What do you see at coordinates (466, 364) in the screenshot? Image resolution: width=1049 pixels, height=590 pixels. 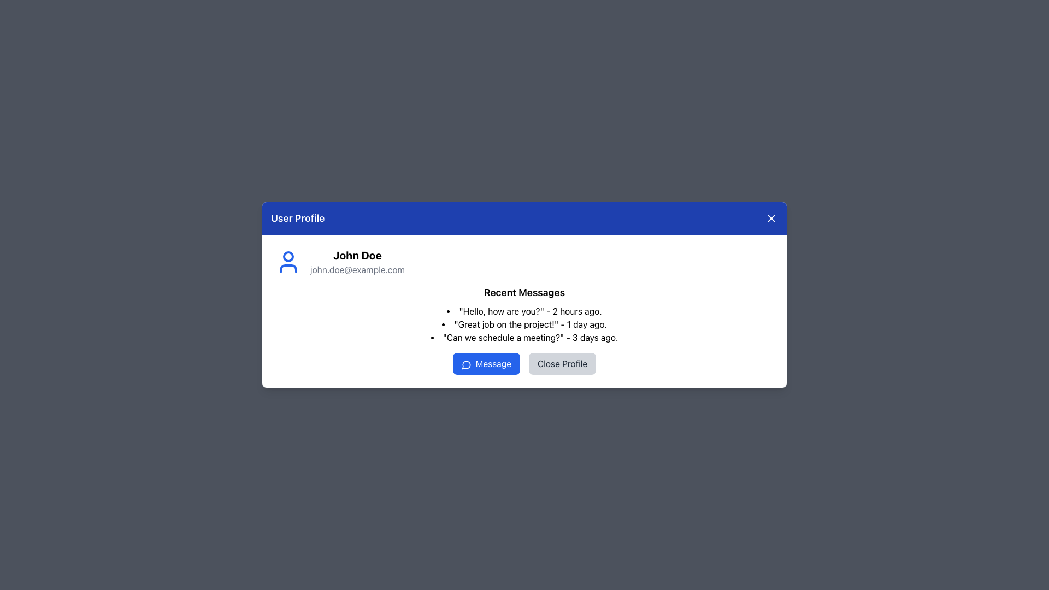 I see `the small circular messaging icon outlined with a blue stroke, located to the left of the text 'Message' in the blue button at the bottom of the user profile interface` at bounding box center [466, 364].